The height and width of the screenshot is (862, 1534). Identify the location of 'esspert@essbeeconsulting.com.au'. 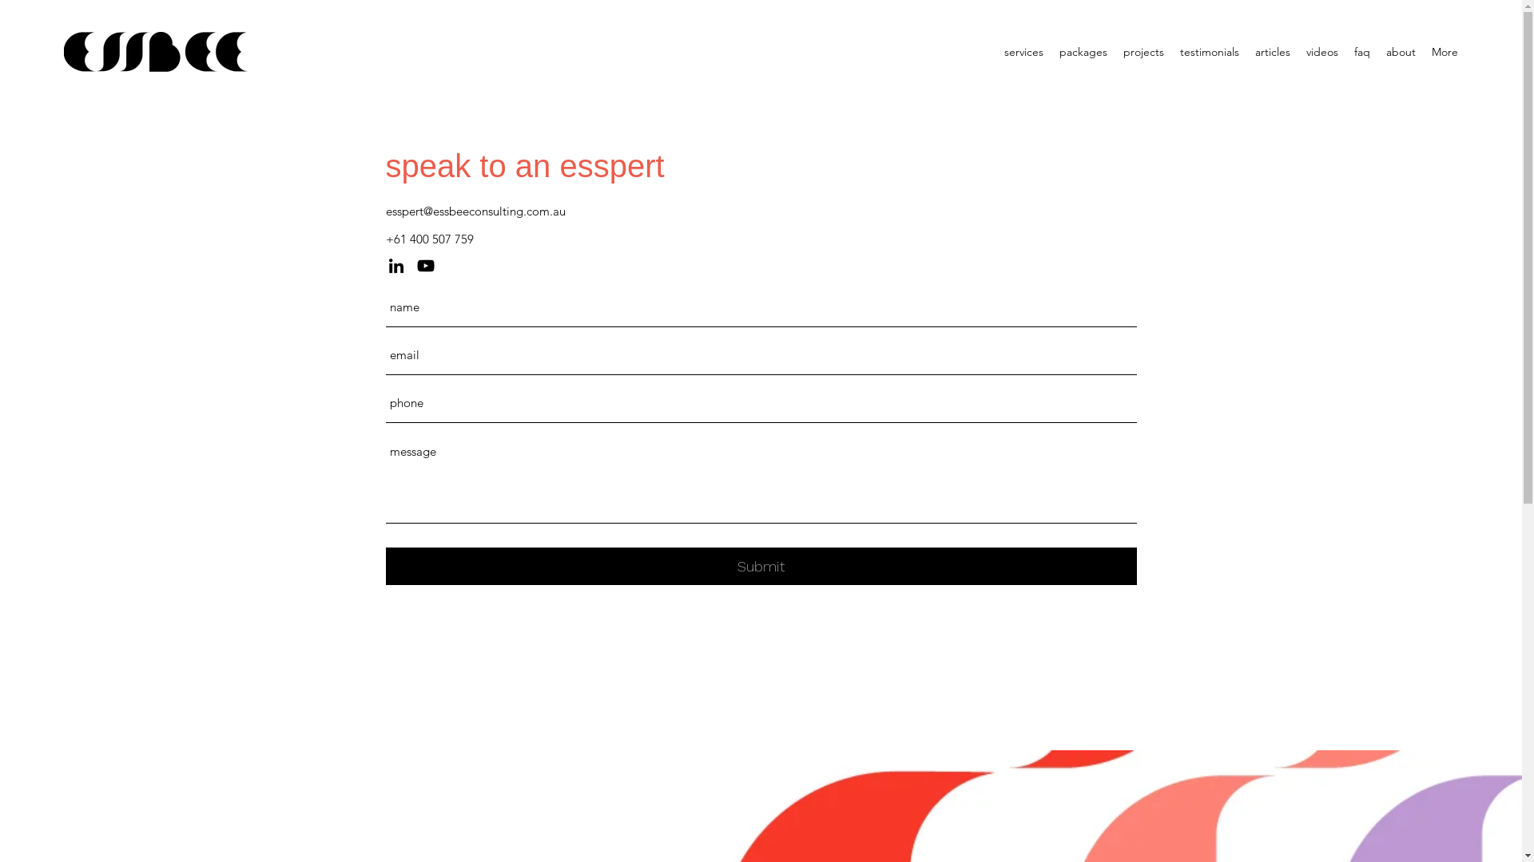
(474, 210).